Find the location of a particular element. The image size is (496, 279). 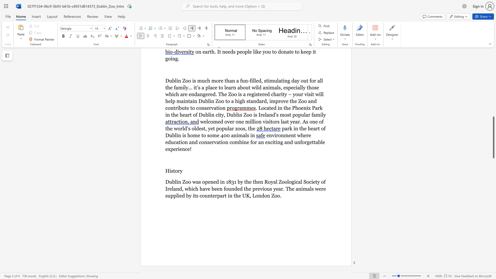

the subset text "unterpart in the UK, Lon" within the text "Dublin Zoo was opened in 1831 by the then Royal Zoological Society of Ireland, which have been founded the previous year. The animals were supplied by its counterpart in the UK, London Zoo." is located at coordinates (204, 196).